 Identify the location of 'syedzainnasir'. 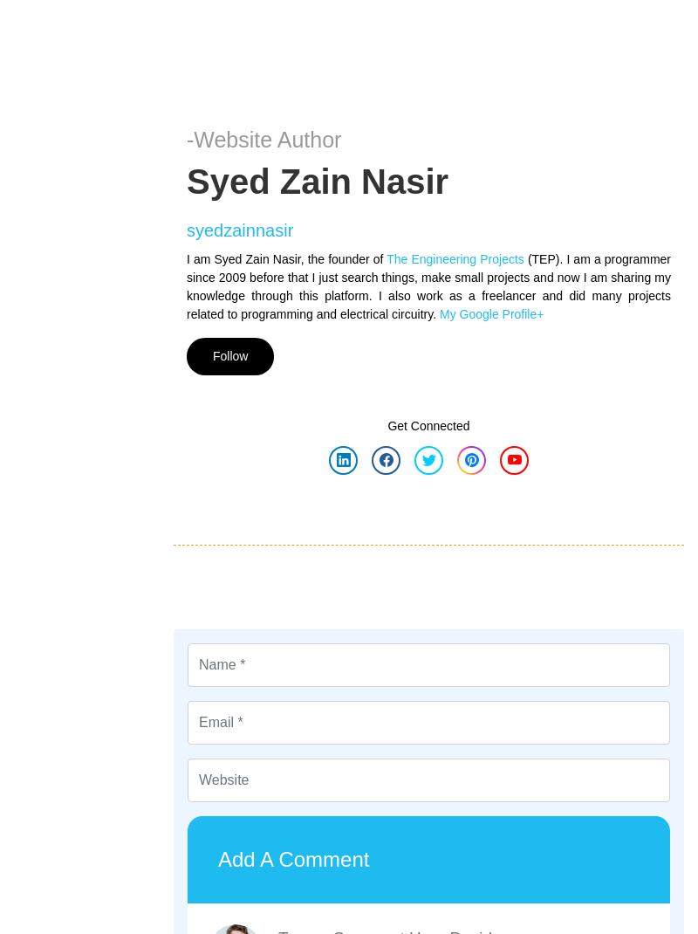
(187, 229).